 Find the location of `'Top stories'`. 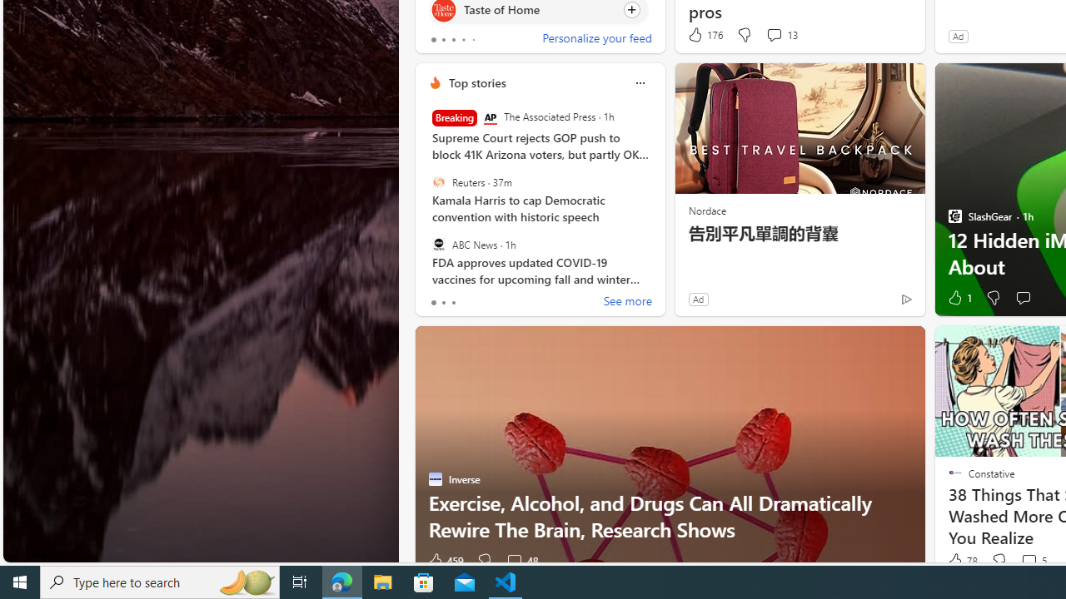

'Top stories' is located at coordinates (476, 82).